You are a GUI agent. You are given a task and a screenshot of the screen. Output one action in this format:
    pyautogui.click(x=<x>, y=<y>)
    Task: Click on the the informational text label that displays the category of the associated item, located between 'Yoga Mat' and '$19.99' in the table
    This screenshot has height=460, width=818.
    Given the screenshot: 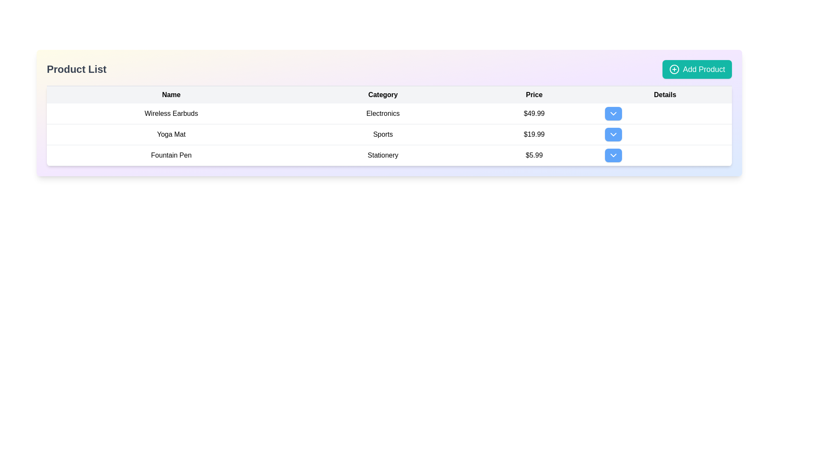 What is the action you would take?
    pyautogui.click(x=383, y=134)
    